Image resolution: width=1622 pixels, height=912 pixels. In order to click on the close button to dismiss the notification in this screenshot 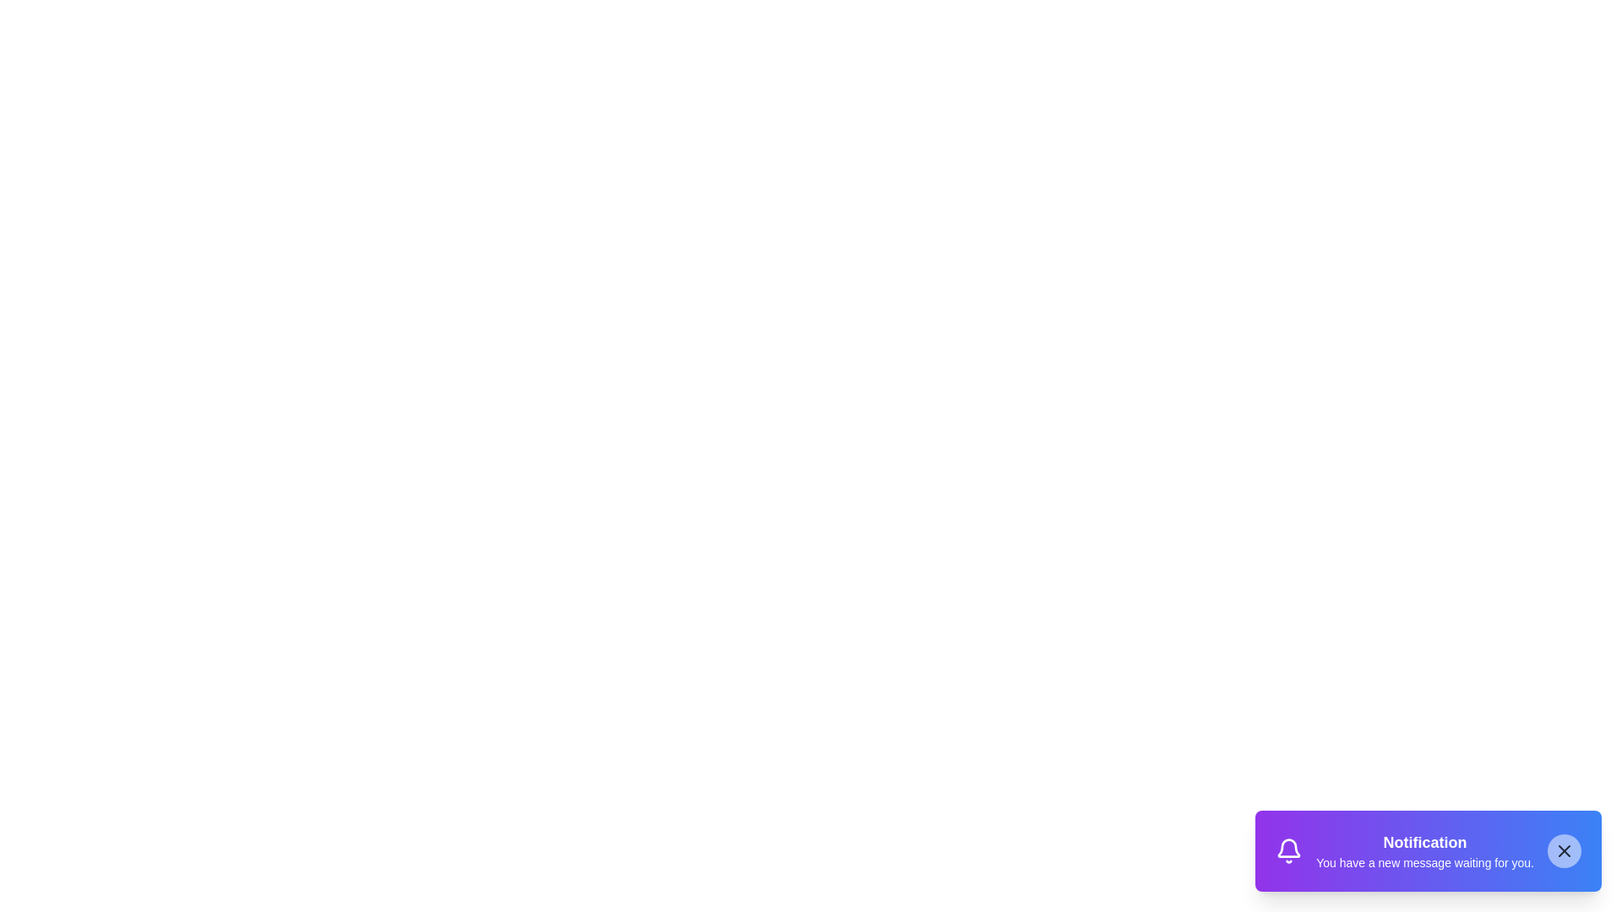, I will do `click(1564, 850)`.